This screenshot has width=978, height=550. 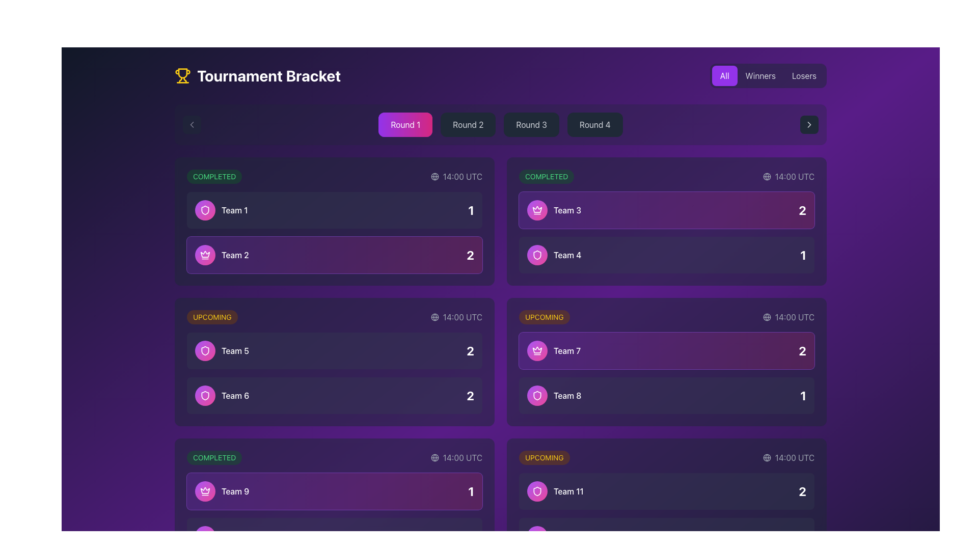 What do you see at coordinates (205, 254) in the screenshot?
I see `the crown SVG icon located in the bottom-left corner of the 'Team 9' section of the scoreboard interface, which represents a designation or achievement for the team` at bounding box center [205, 254].